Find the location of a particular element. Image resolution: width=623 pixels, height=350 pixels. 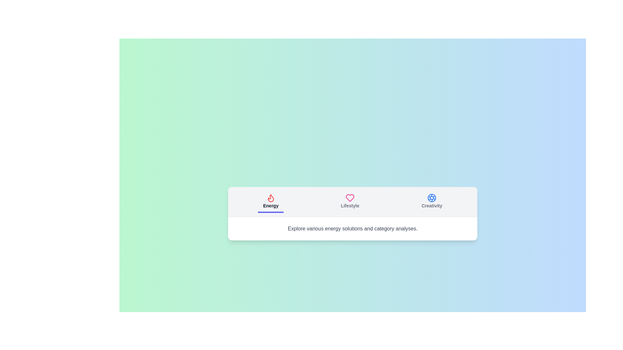

the tab labeled Energy is located at coordinates (271, 201).